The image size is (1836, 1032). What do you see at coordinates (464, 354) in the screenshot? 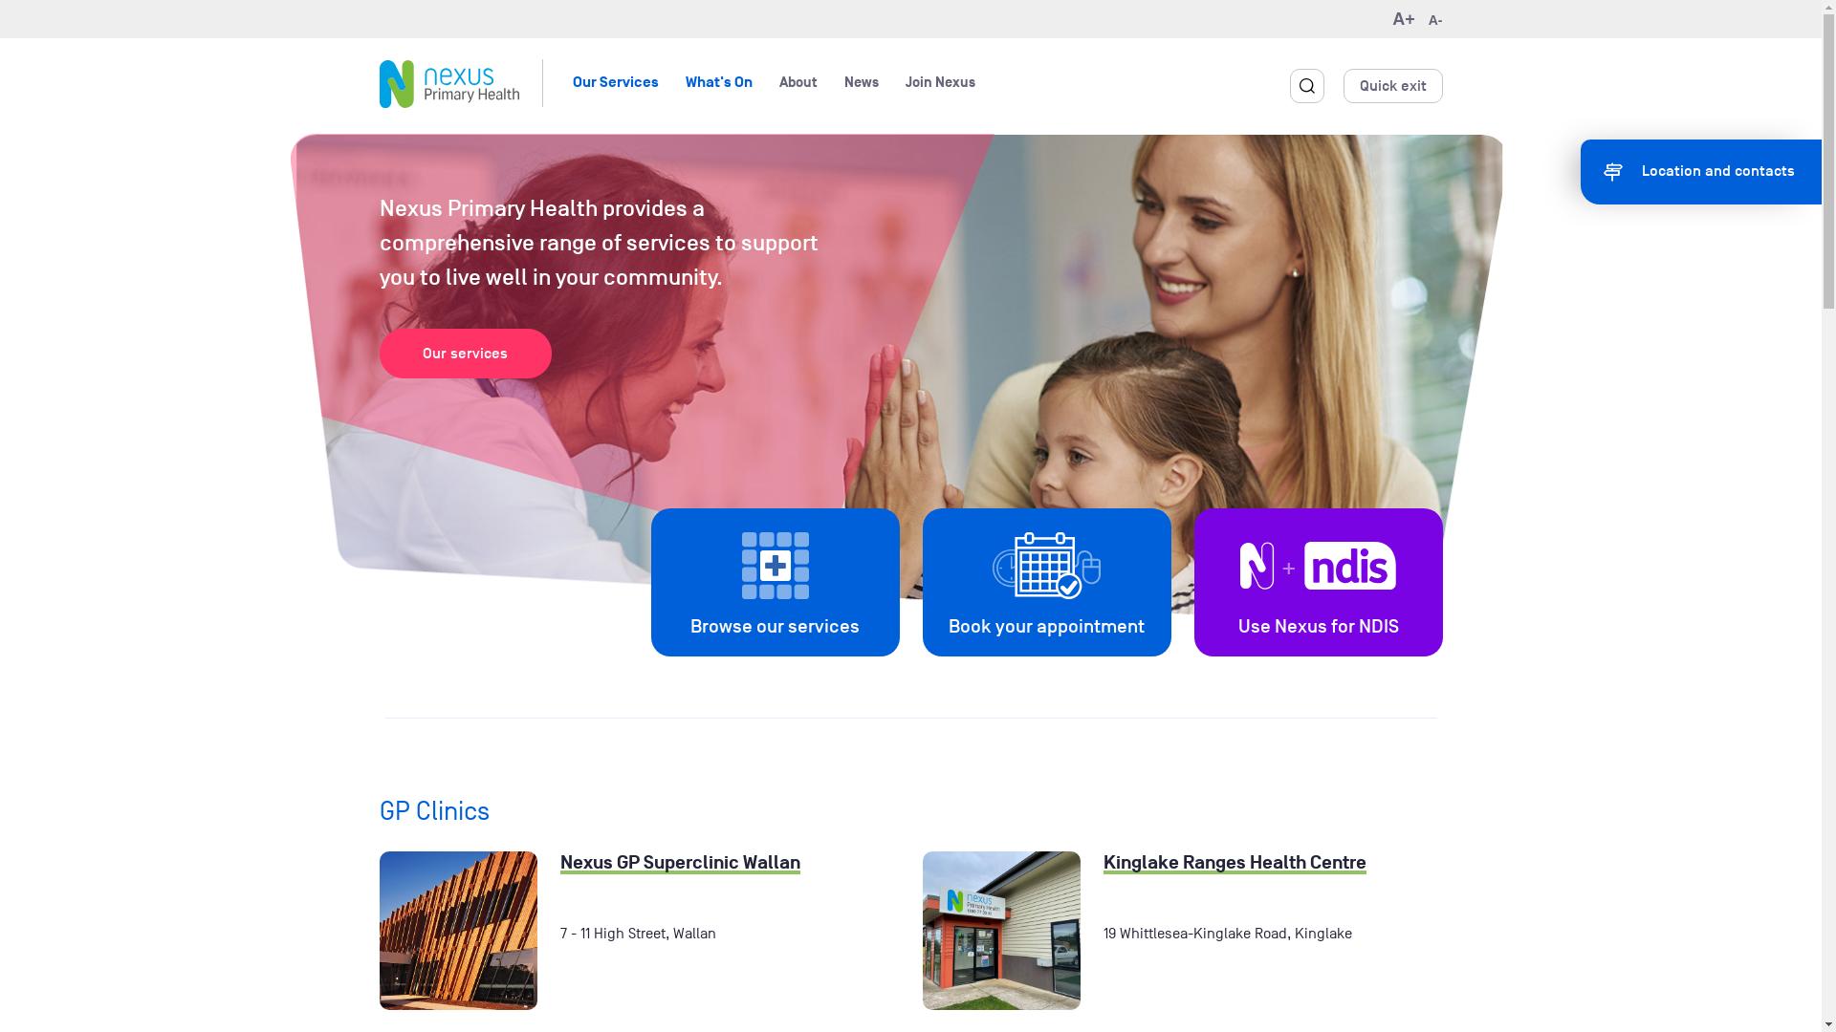
I see `'Our services'` at bounding box center [464, 354].